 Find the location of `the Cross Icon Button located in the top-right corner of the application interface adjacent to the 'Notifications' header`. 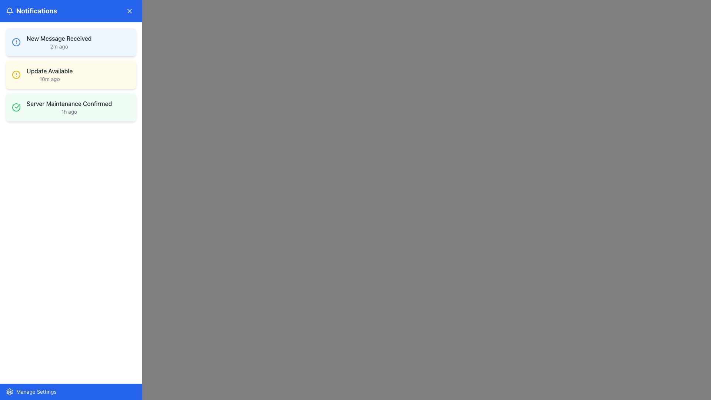

the Cross Icon Button located in the top-right corner of the application interface adjacent to the 'Notifications' header is located at coordinates (130, 11).